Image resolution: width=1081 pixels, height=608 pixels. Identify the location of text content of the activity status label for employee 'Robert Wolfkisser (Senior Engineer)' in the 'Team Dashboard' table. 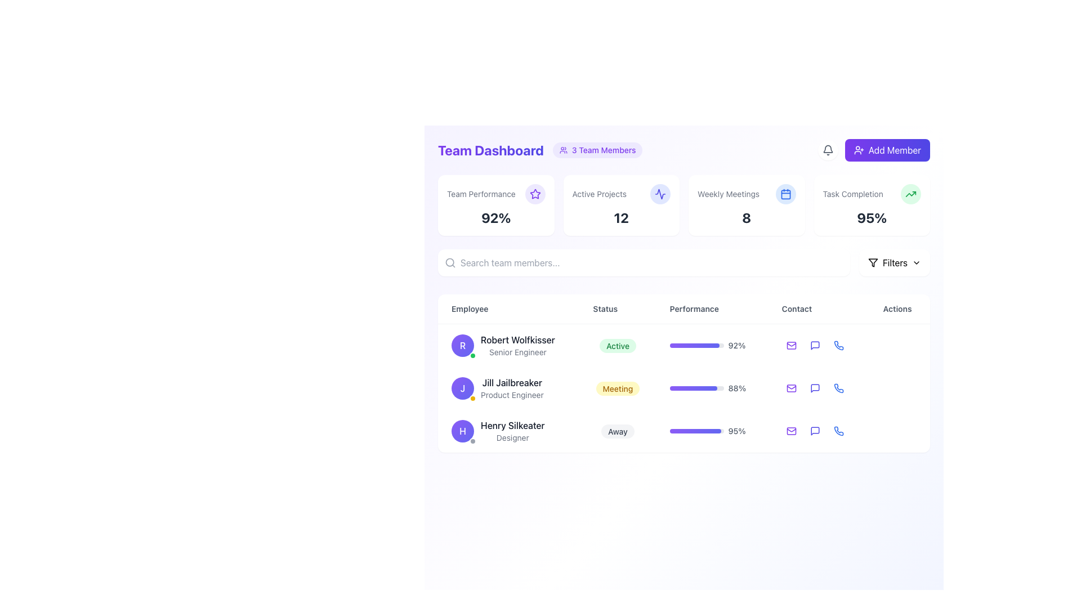
(617, 345).